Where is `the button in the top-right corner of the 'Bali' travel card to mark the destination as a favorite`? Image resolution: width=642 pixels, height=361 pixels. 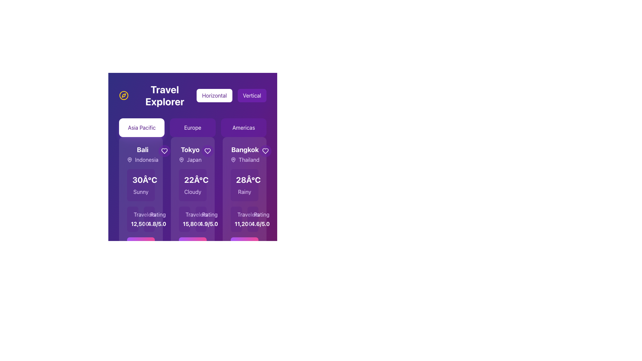 the button in the top-right corner of the 'Bali' travel card to mark the destination as a favorite is located at coordinates (164, 151).